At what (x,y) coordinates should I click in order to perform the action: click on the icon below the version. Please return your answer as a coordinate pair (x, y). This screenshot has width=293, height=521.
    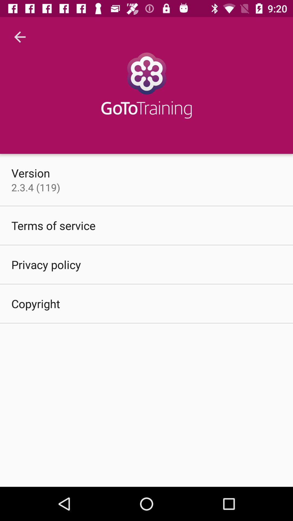
    Looking at the image, I should click on (36, 187).